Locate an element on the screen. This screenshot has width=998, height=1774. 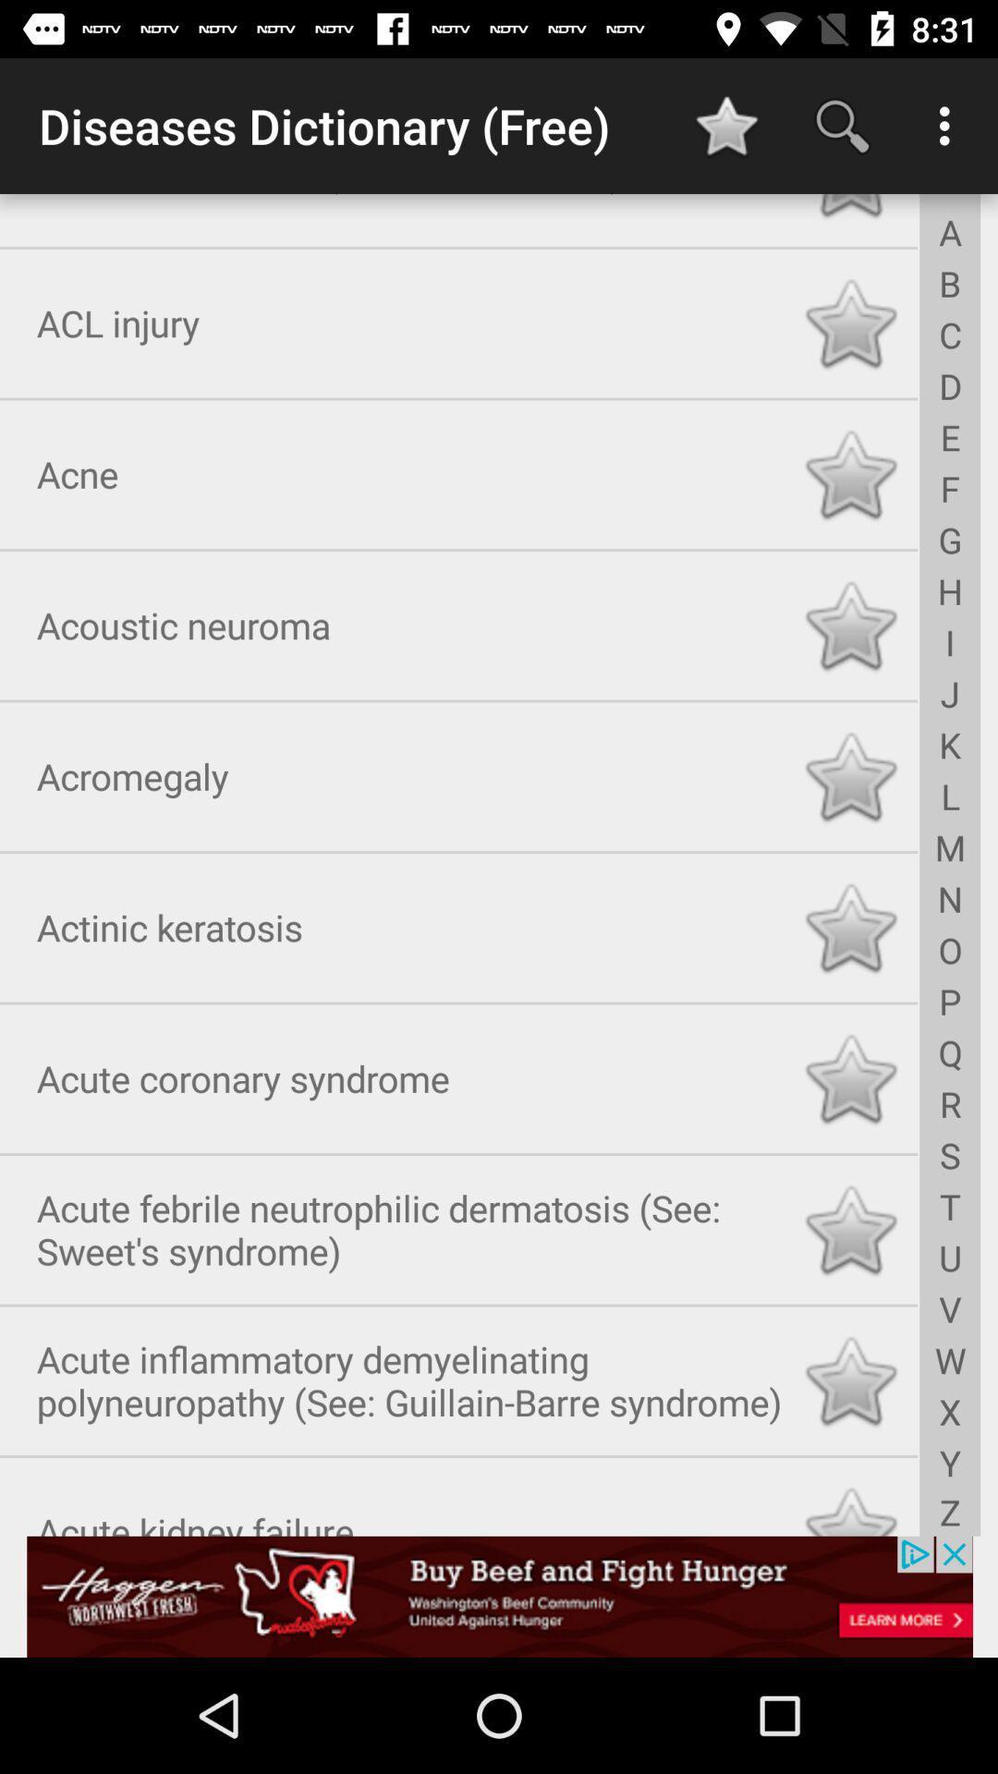
favourites is located at coordinates (850, 1504).